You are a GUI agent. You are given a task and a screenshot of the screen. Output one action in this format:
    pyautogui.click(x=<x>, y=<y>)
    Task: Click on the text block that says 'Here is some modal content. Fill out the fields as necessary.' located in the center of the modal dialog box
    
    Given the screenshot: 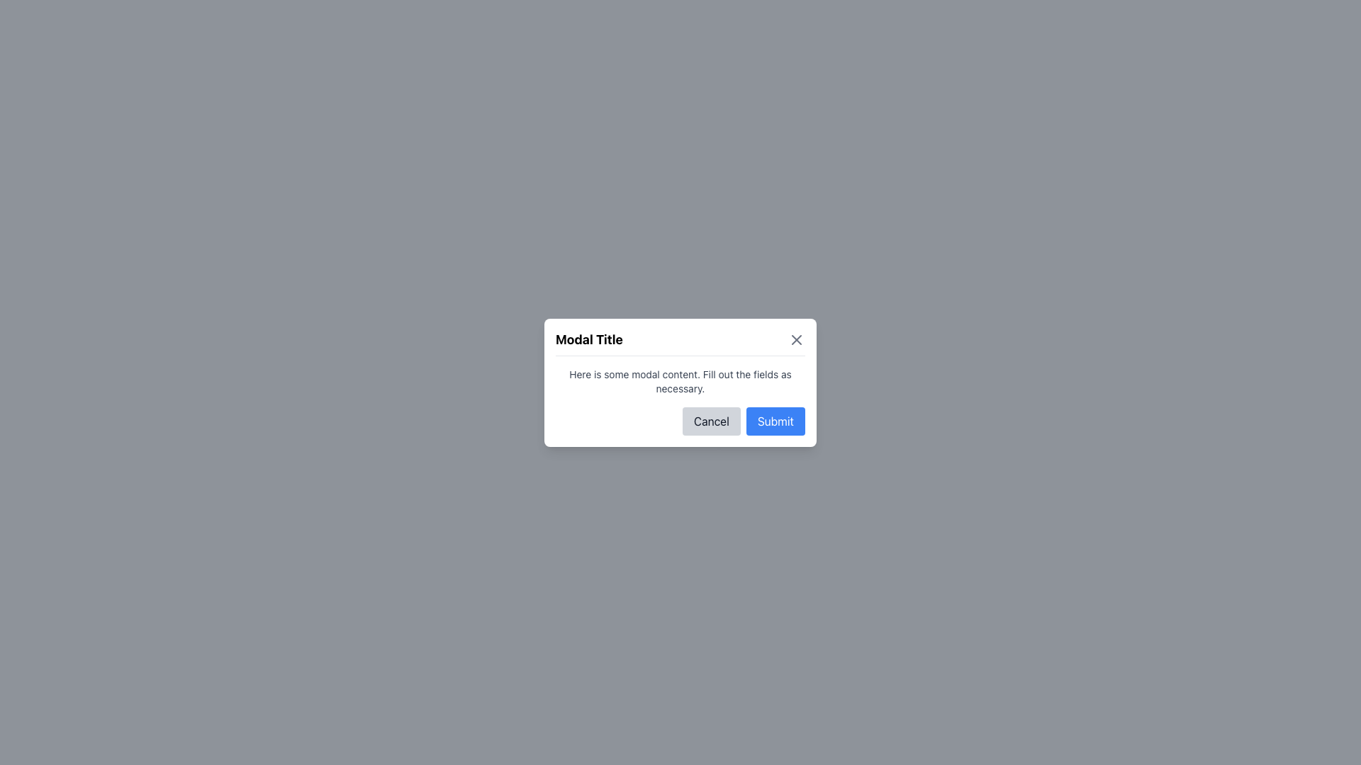 What is the action you would take?
    pyautogui.click(x=680, y=380)
    